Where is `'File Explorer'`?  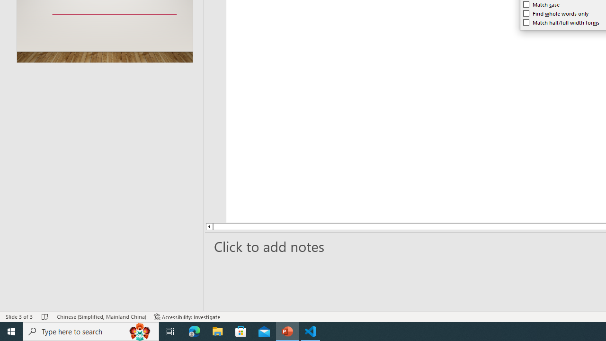 'File Explorer' is located at coordinates (217, 331).